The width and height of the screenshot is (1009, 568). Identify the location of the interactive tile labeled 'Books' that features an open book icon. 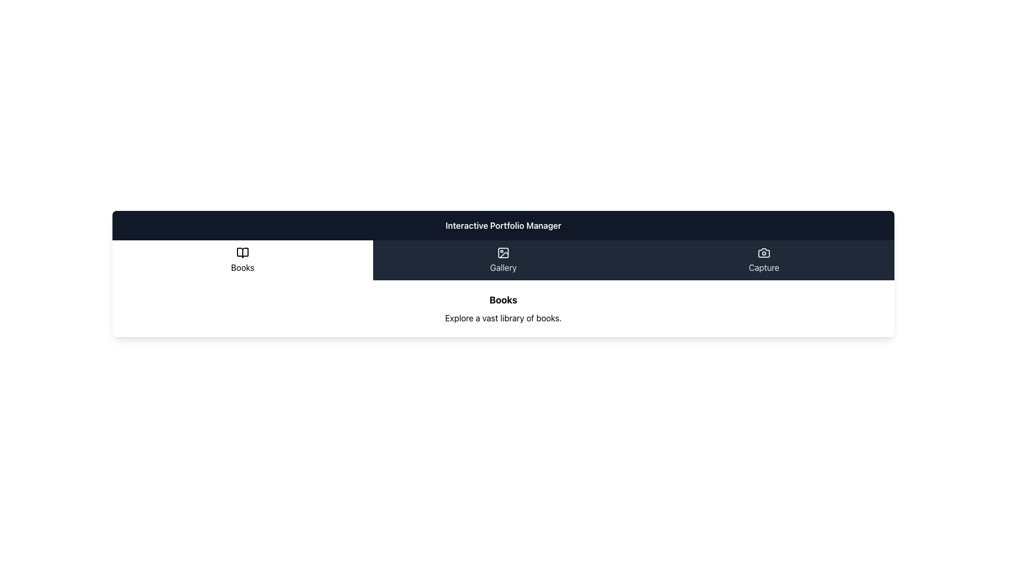
(242, 260).